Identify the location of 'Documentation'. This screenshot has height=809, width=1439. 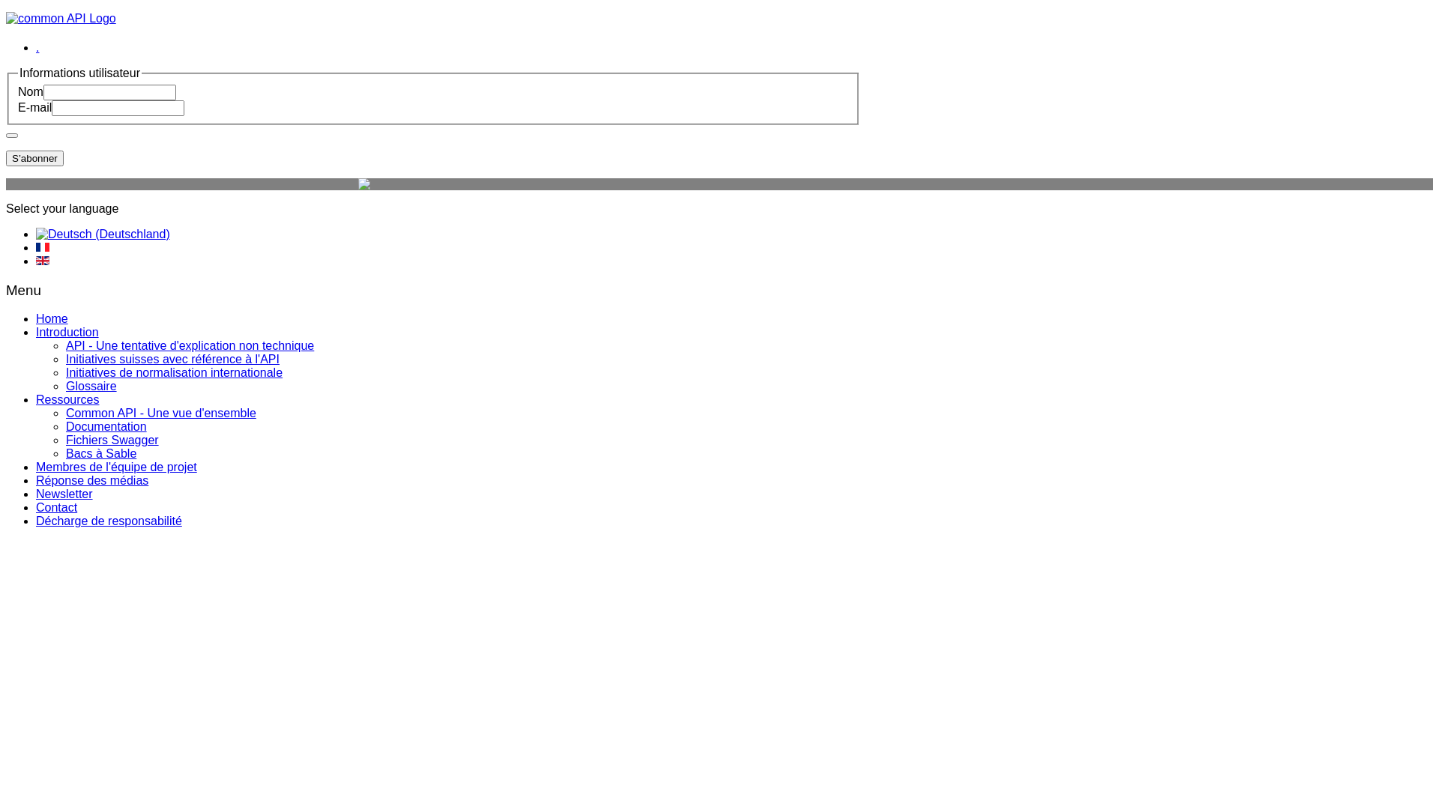
(106, 426).